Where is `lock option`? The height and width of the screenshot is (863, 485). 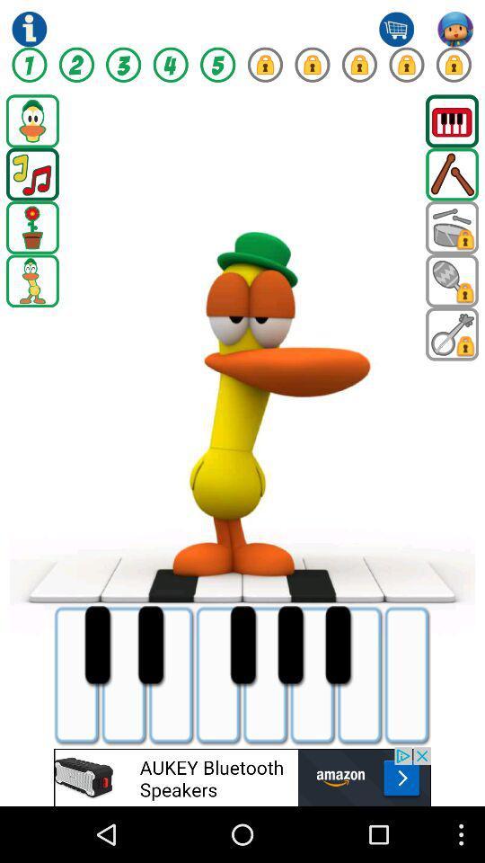
lock option is located at coordinates (406, 65).